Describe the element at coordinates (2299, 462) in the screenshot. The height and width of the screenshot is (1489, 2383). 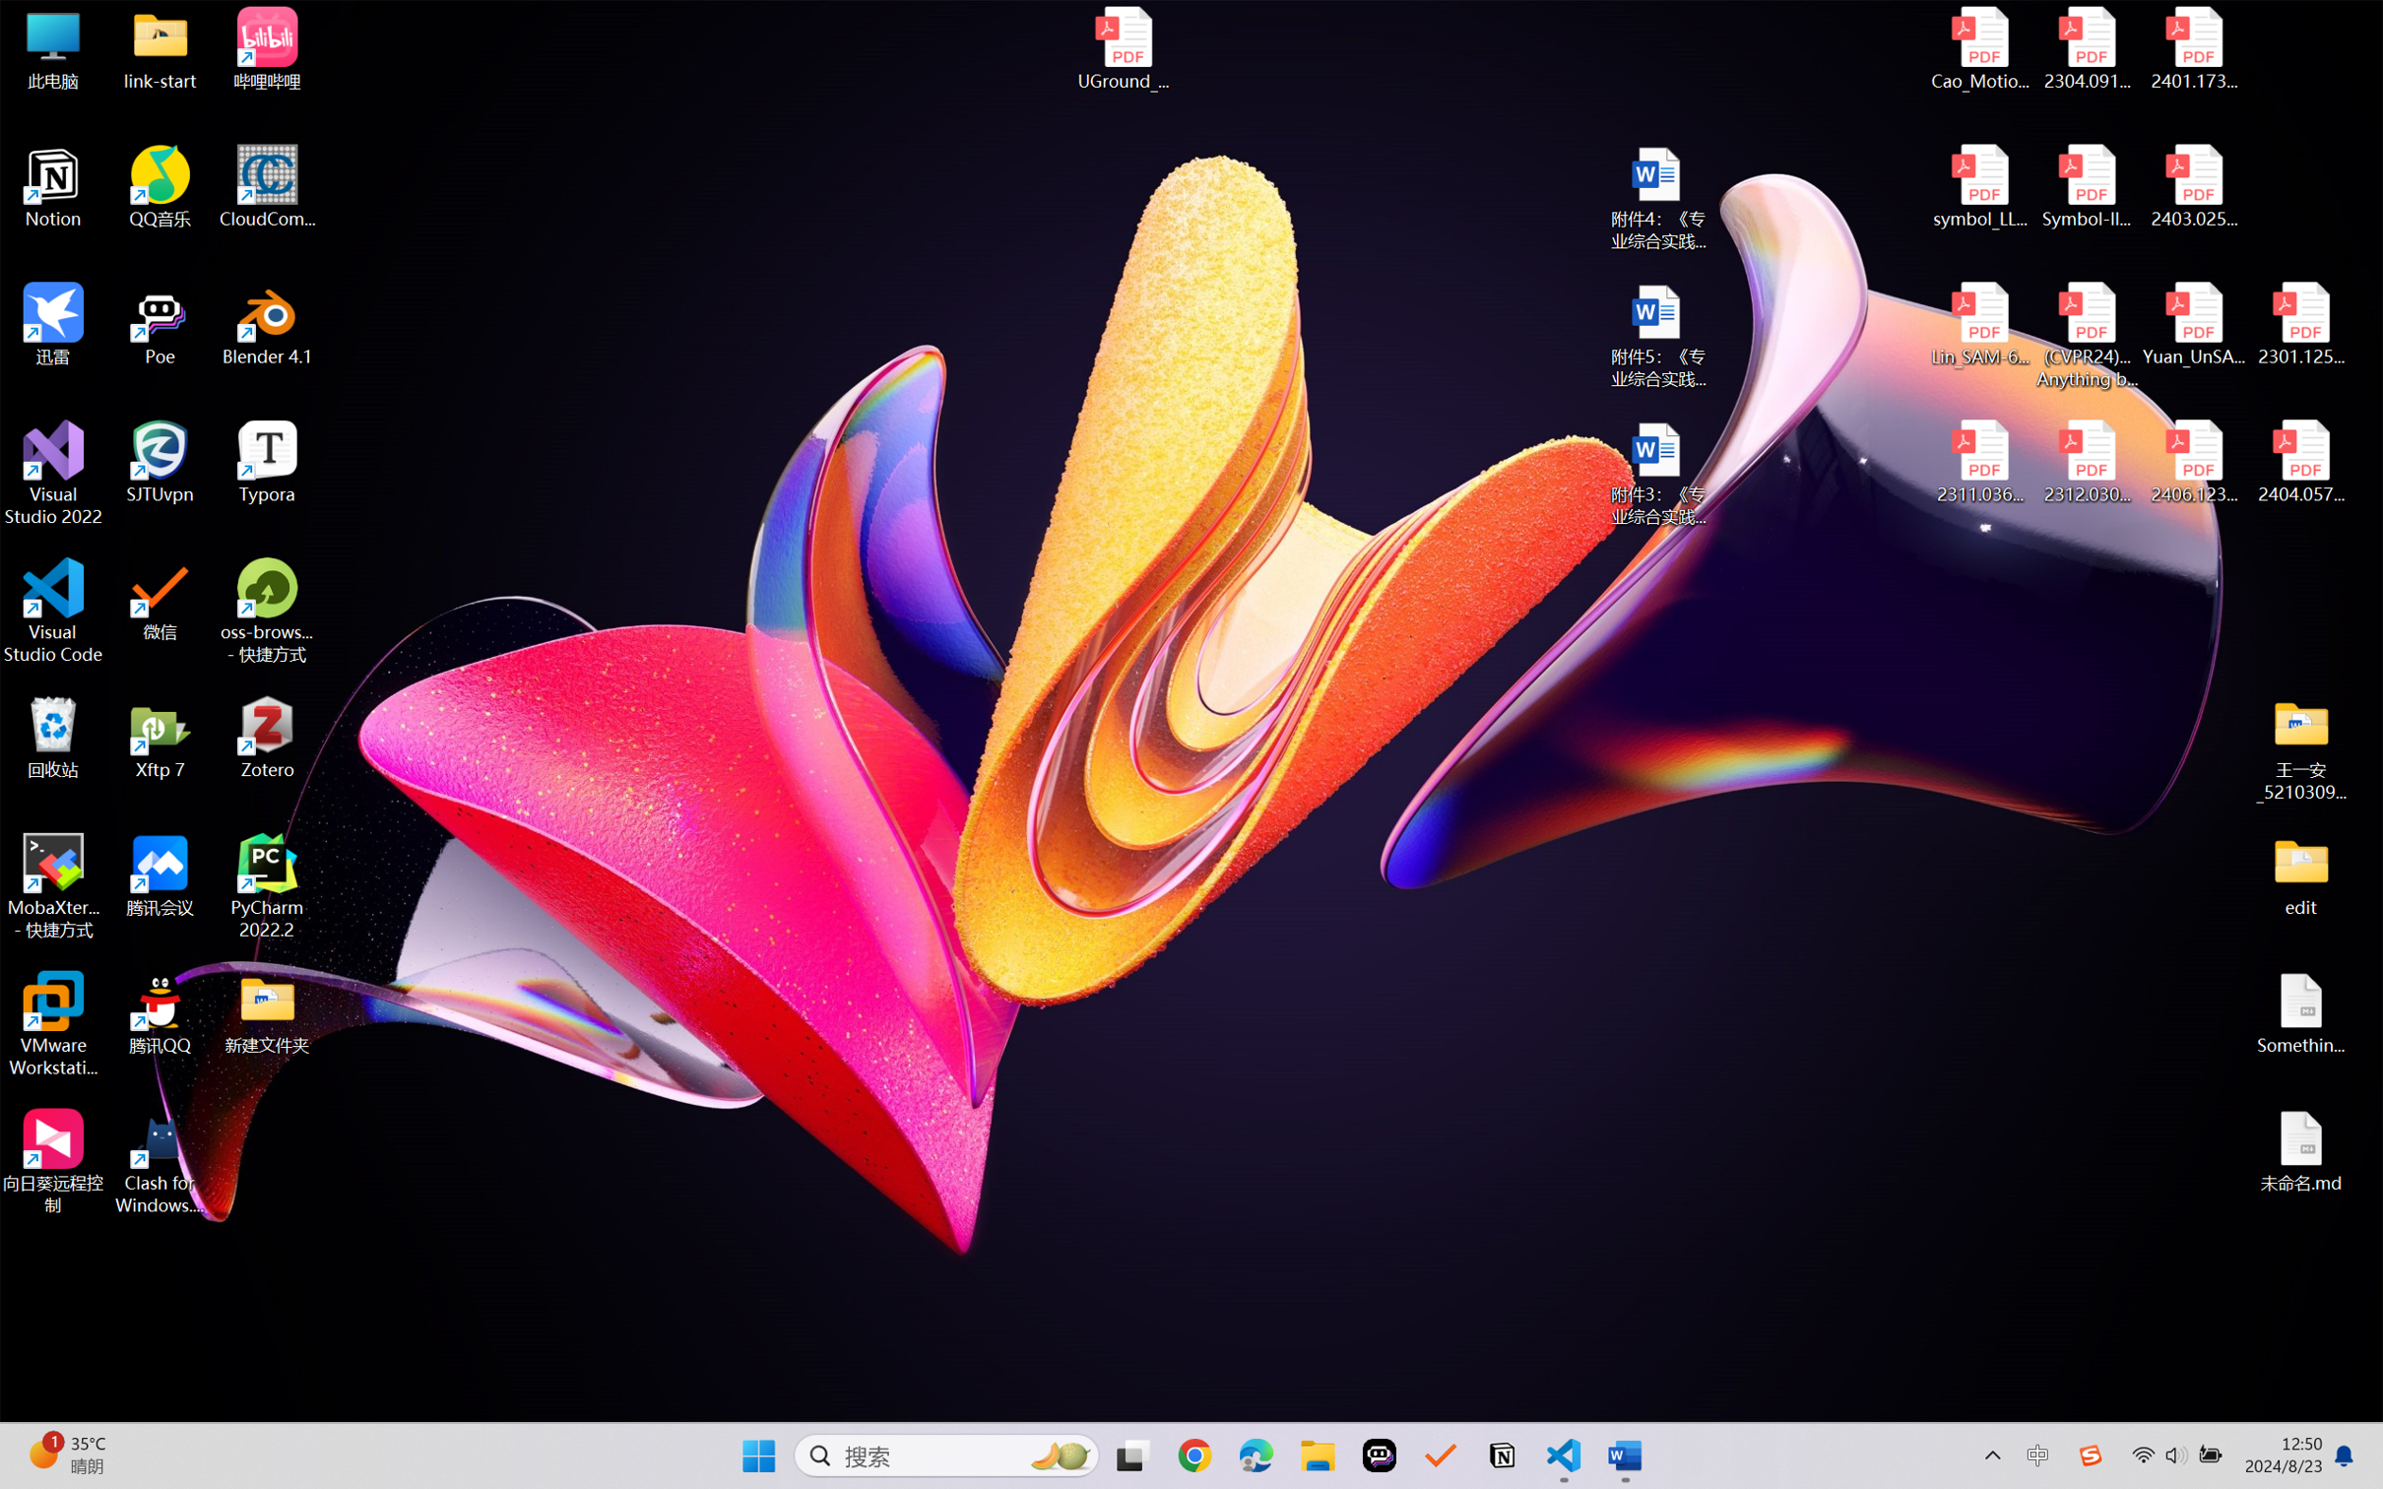
I see `'2404.05719v1.pdf'` at that location.